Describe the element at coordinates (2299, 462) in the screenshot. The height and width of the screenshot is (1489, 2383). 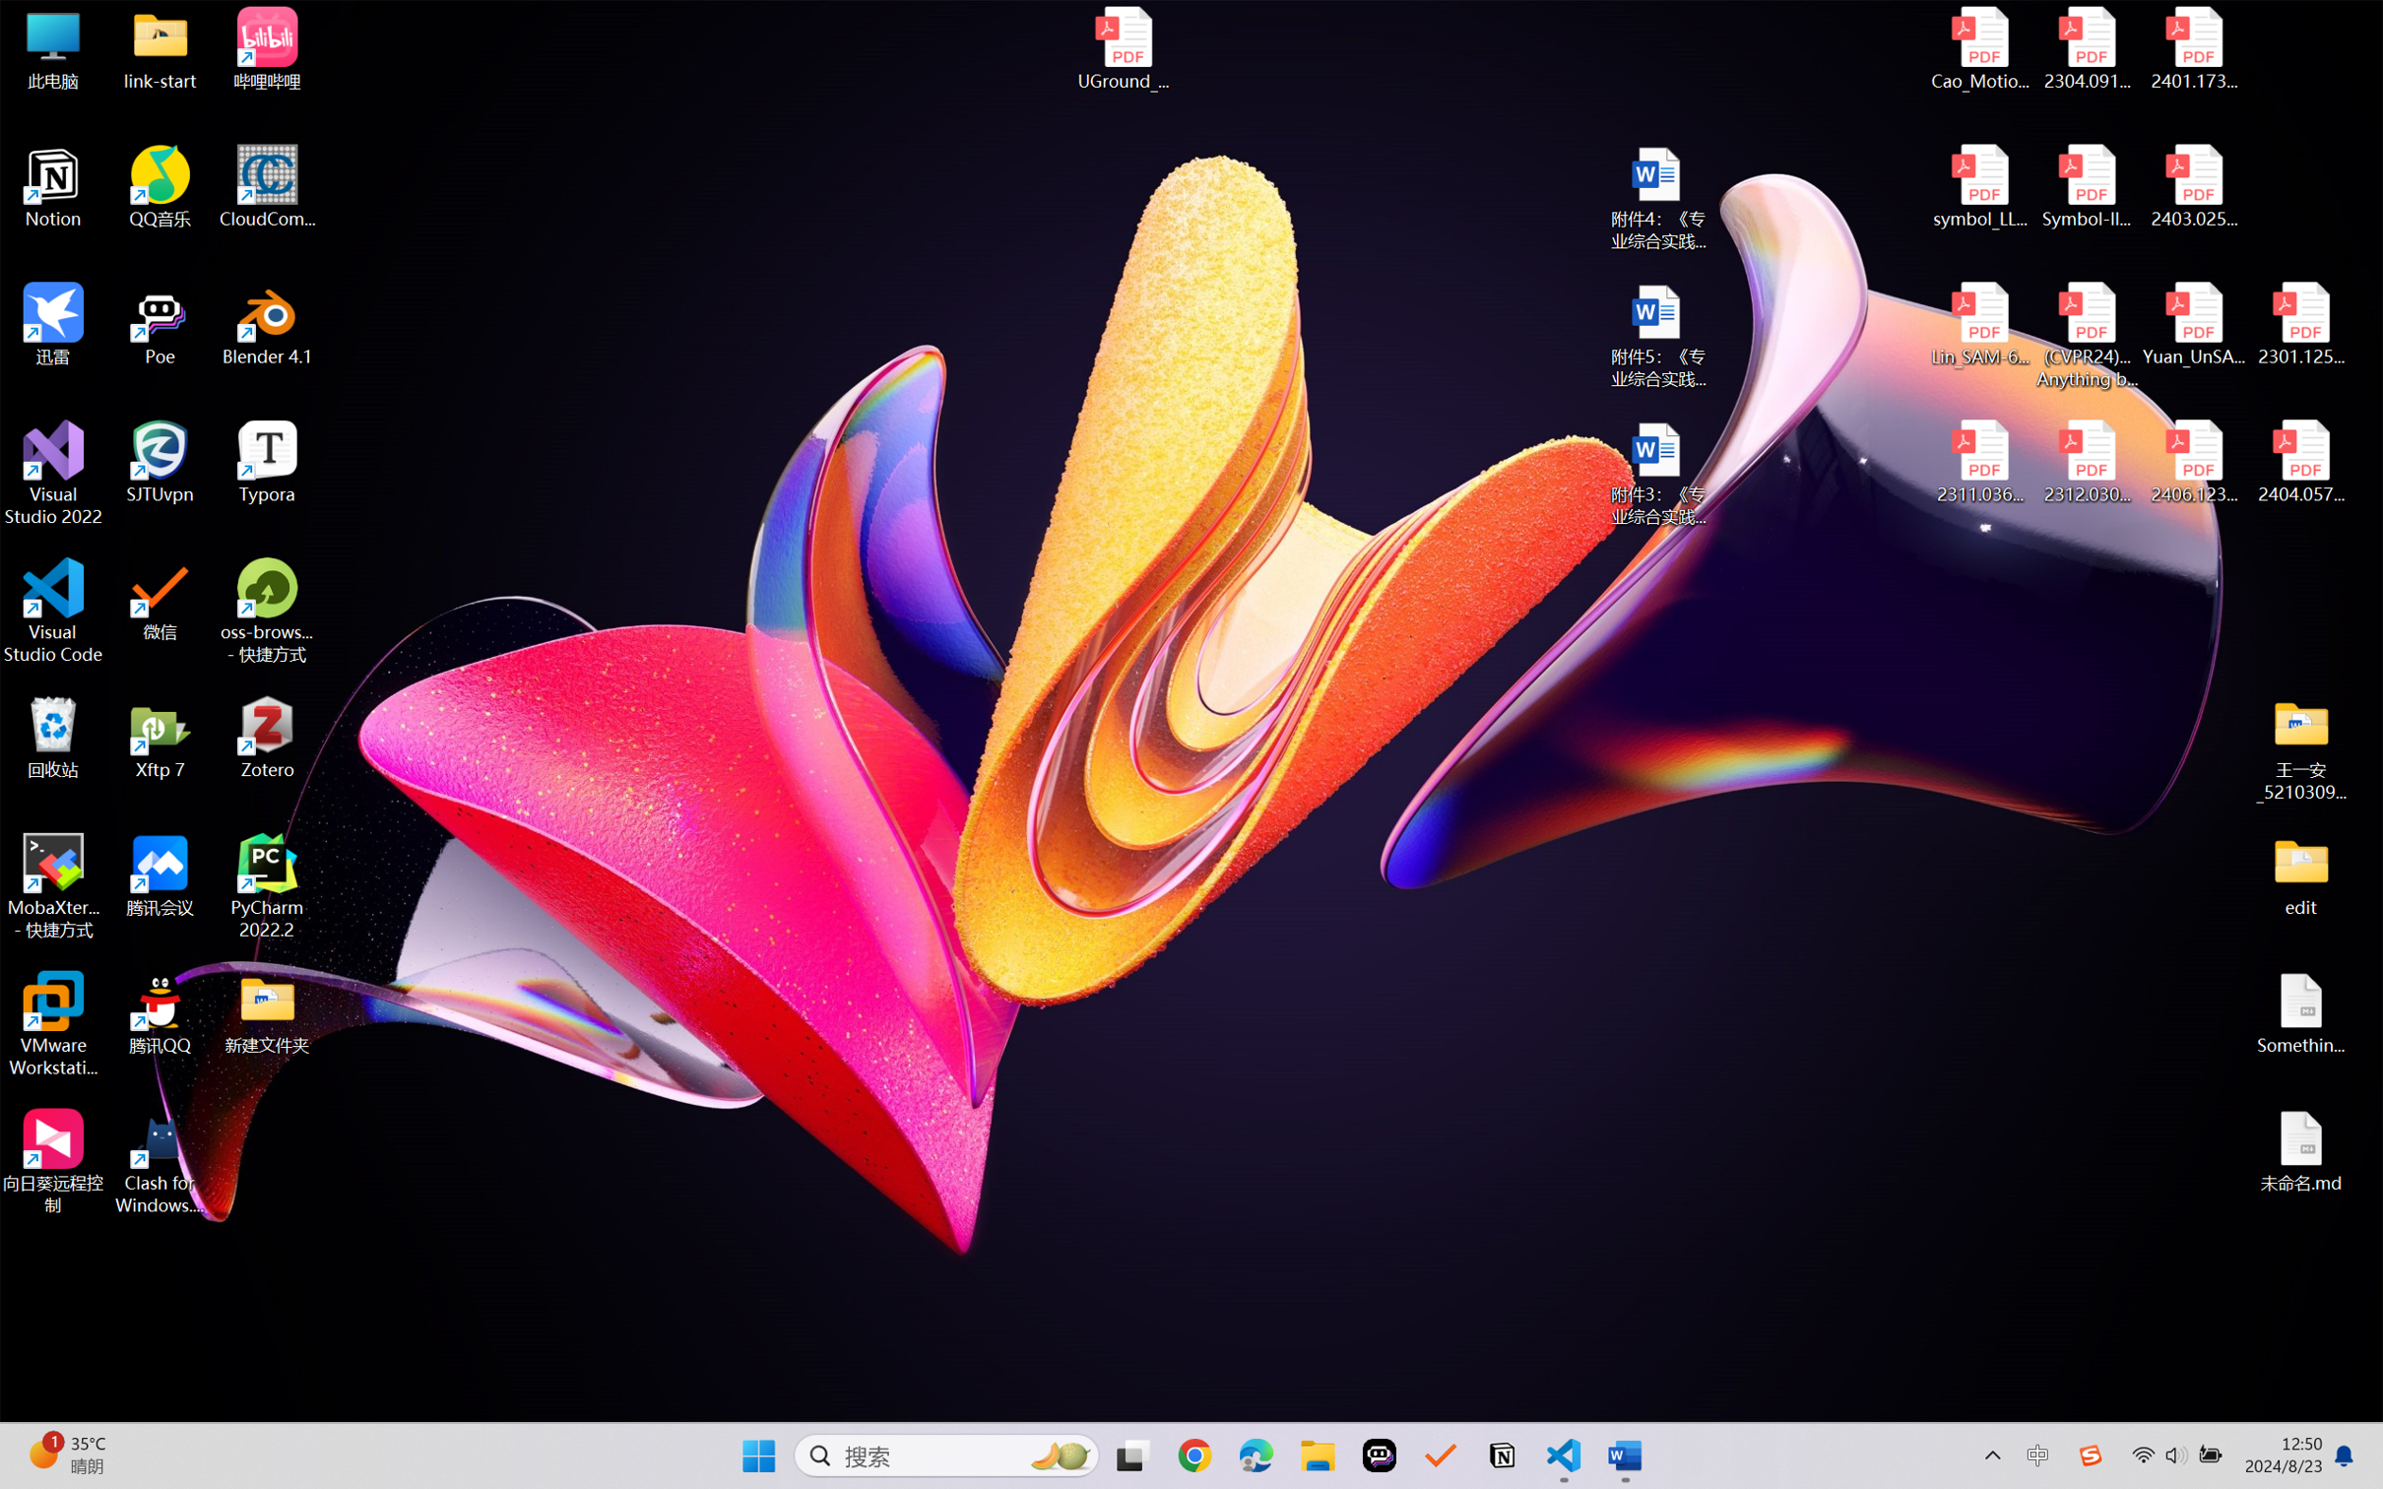
I see `'2404.05719v1.pdf'` at that location.